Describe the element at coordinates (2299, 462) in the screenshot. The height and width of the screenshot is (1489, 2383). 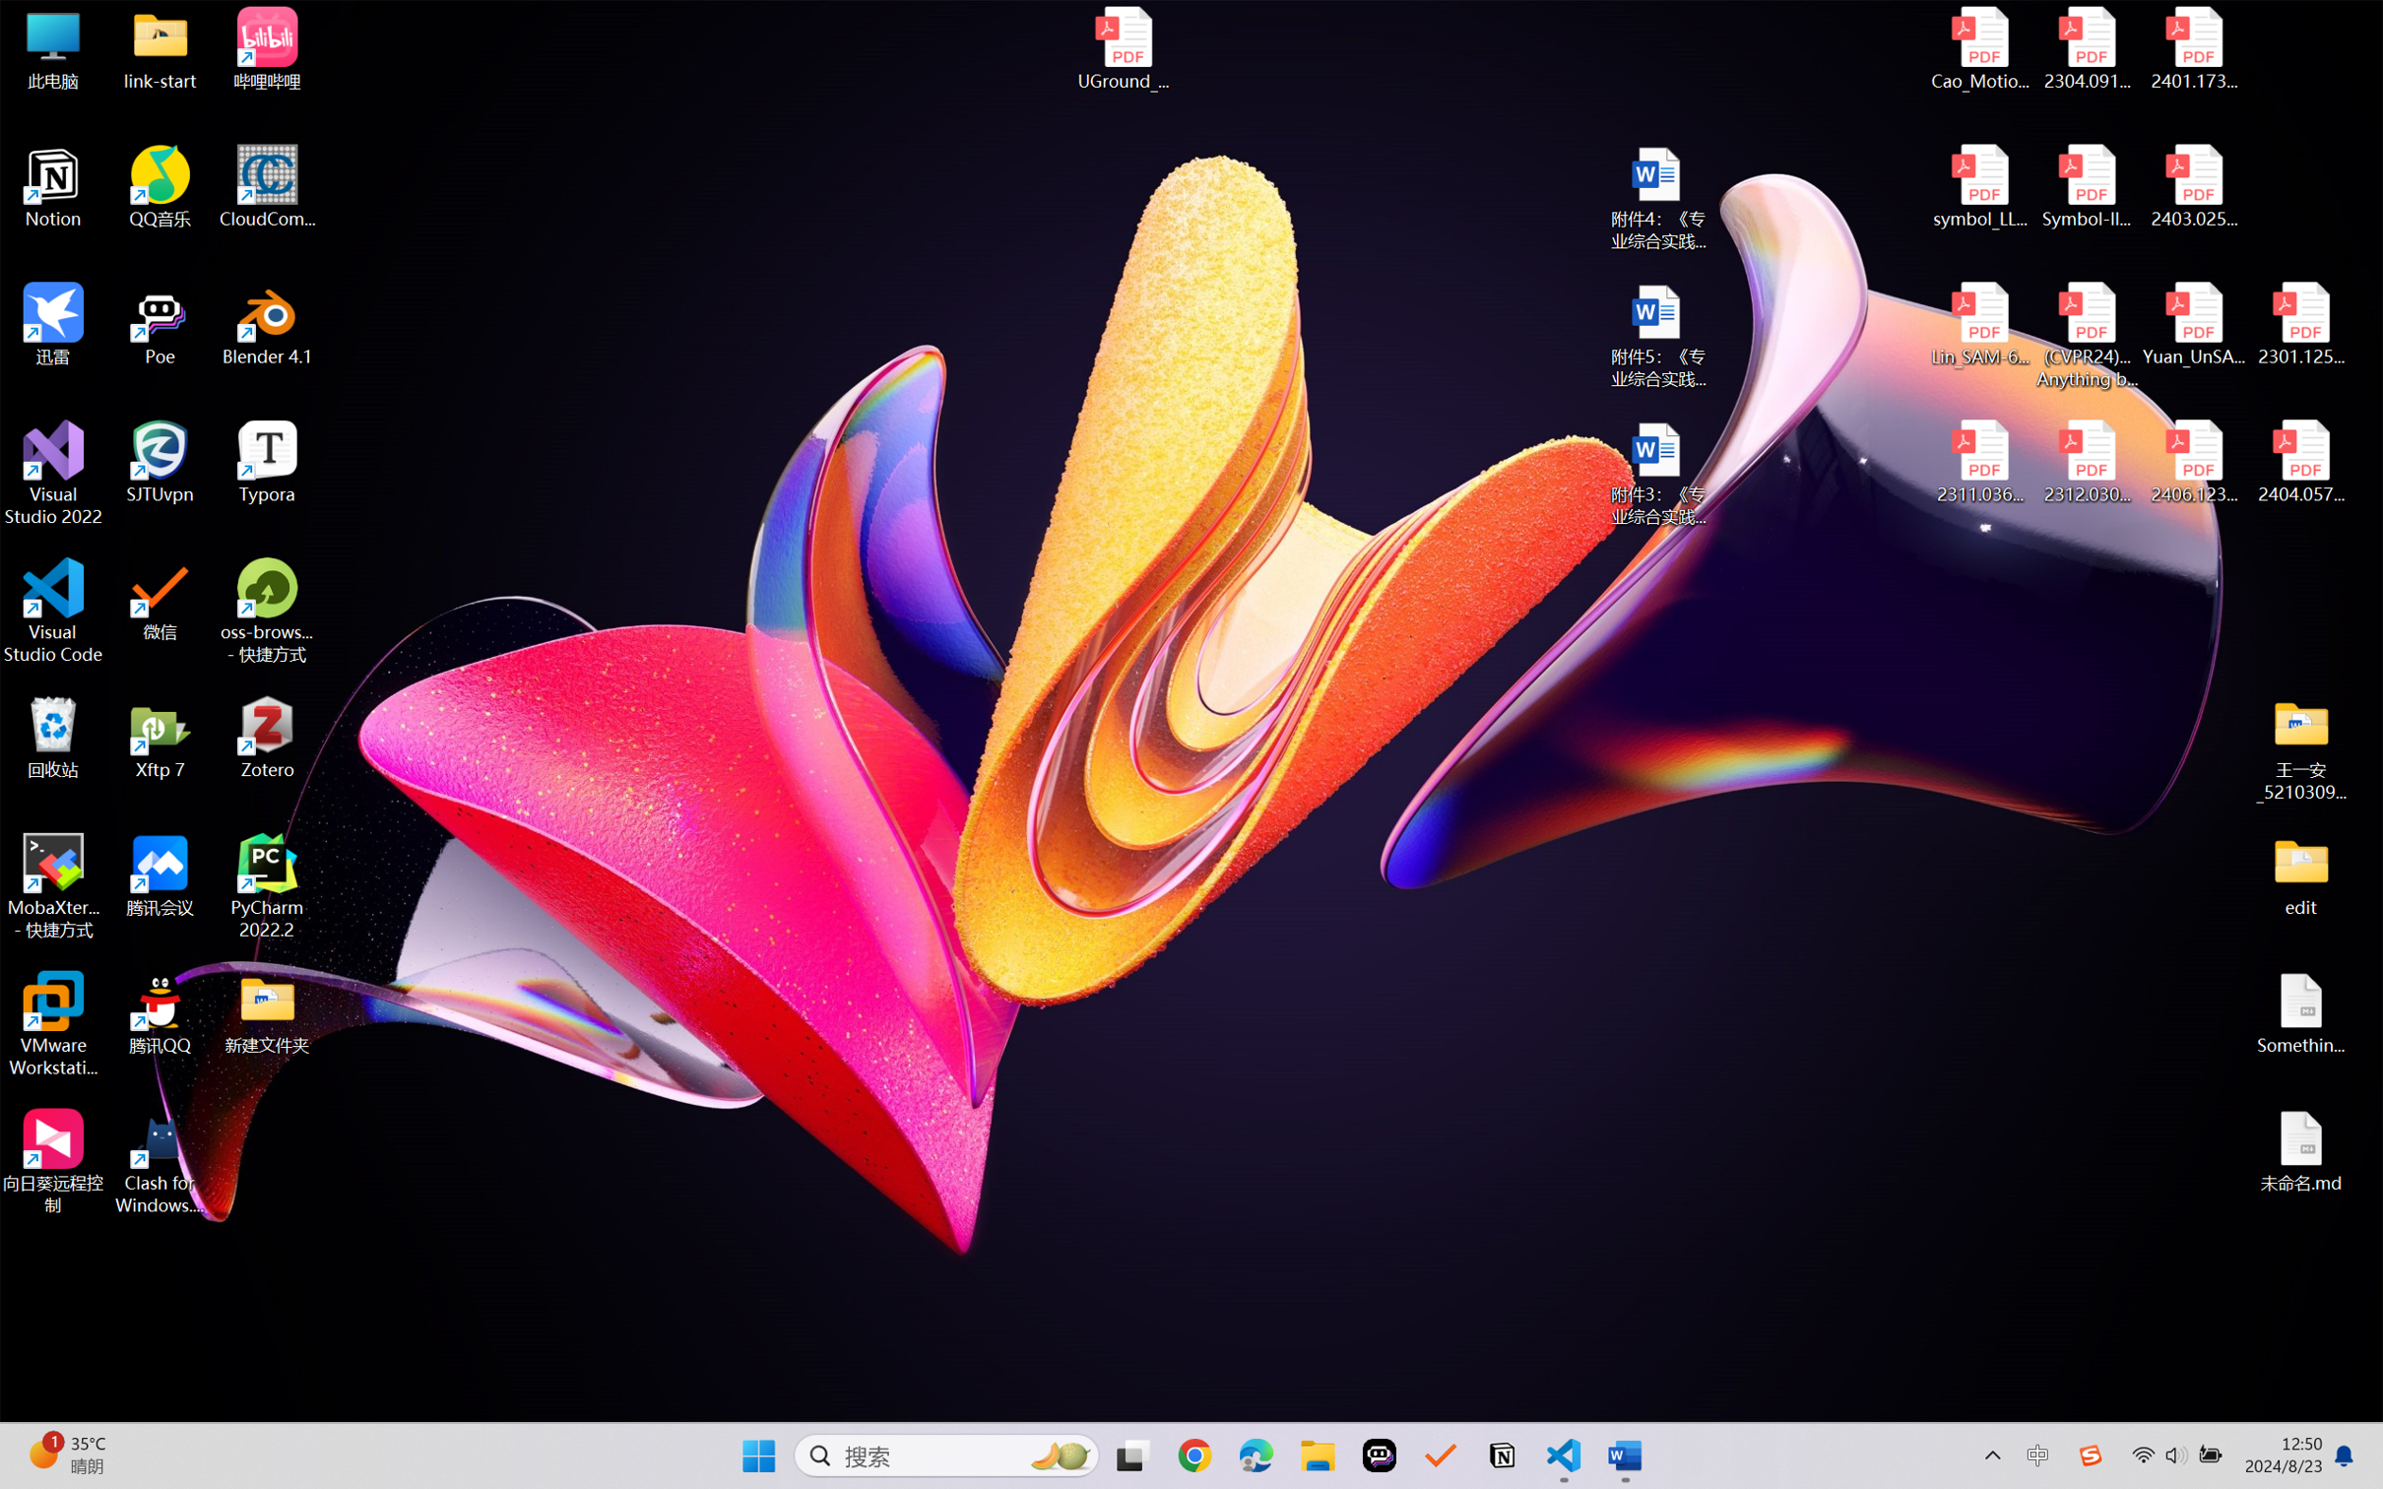
I see `'2404.05719v1.pdf'` at that location.